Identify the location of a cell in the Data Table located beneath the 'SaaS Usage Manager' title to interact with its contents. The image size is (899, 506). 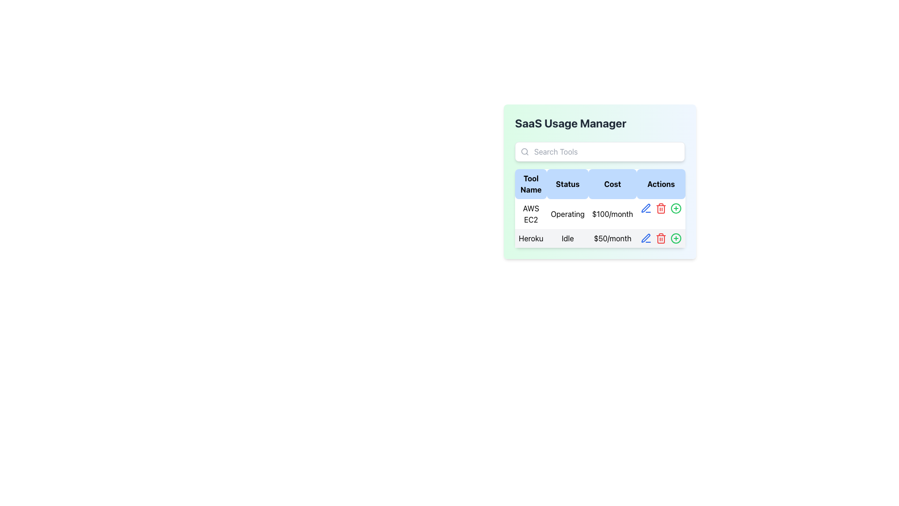
(600, 208).